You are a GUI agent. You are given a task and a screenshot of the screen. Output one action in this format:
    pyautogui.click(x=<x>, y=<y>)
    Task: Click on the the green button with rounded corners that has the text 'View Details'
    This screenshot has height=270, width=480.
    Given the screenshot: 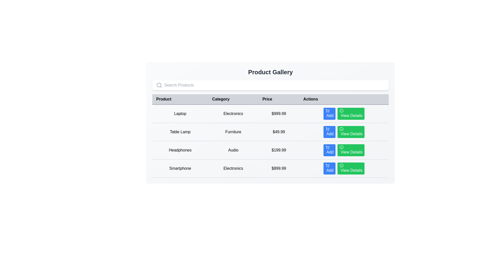 What is the action you would take?
    pyautogui.click(x=351, y=150)
    